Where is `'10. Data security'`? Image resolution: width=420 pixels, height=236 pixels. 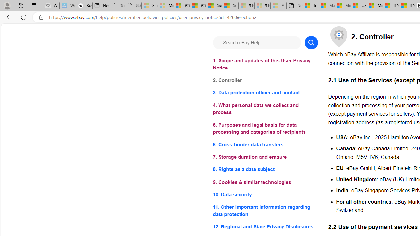
'10. Data security' is located at coordinates (265, 194).